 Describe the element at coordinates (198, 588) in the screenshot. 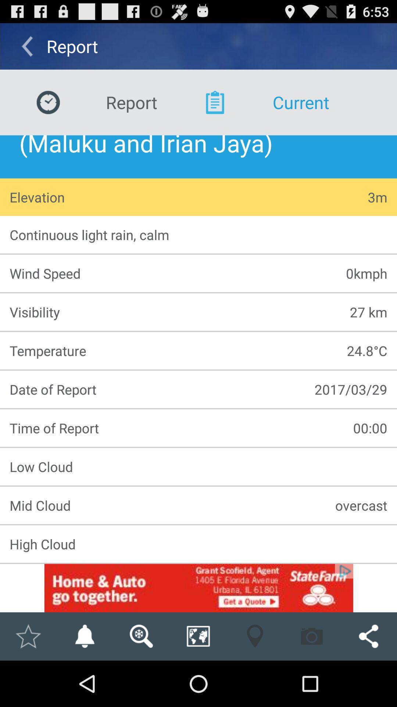

I see `opens the advertisement` at that location.